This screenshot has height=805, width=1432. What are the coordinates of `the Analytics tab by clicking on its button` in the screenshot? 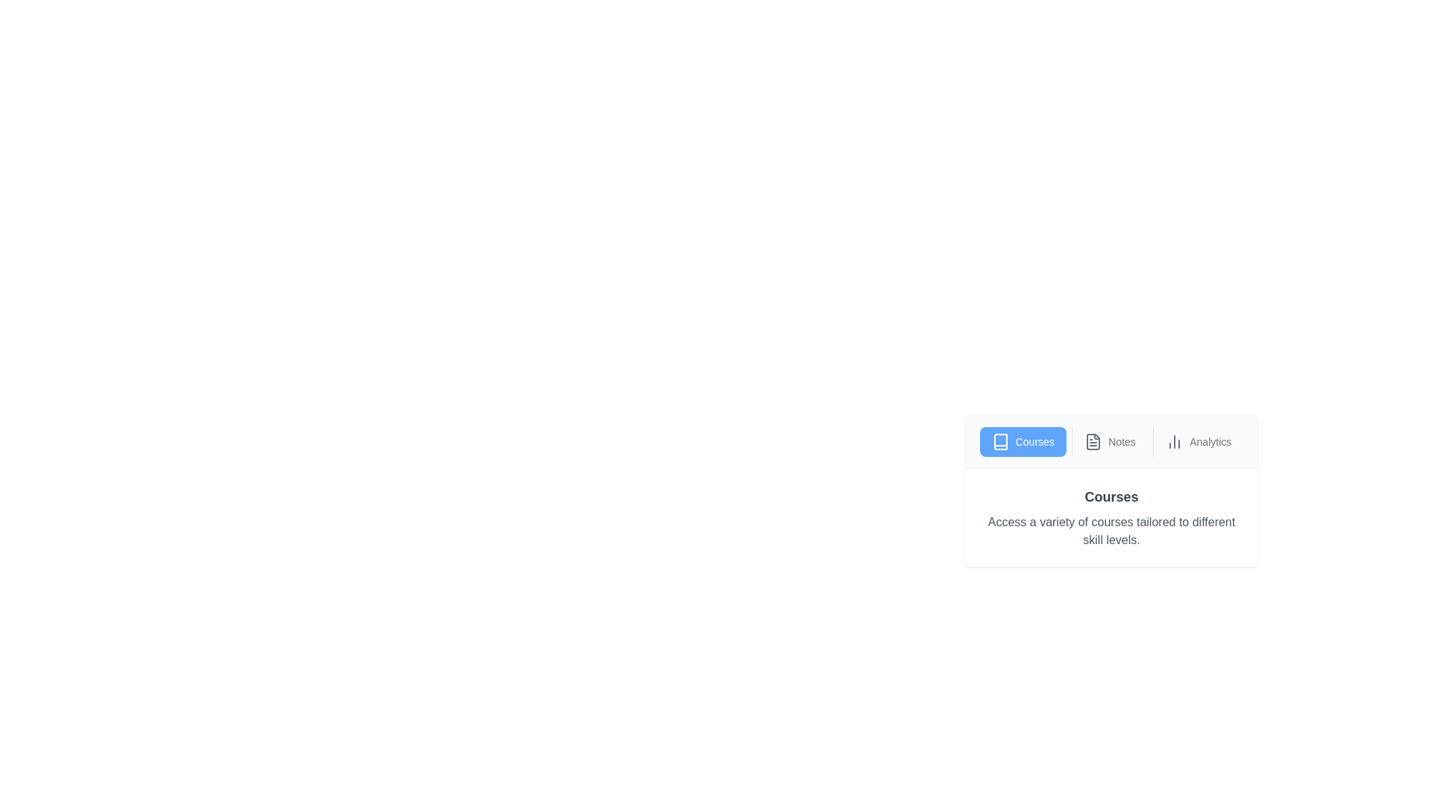 It's located at (1198, 441).